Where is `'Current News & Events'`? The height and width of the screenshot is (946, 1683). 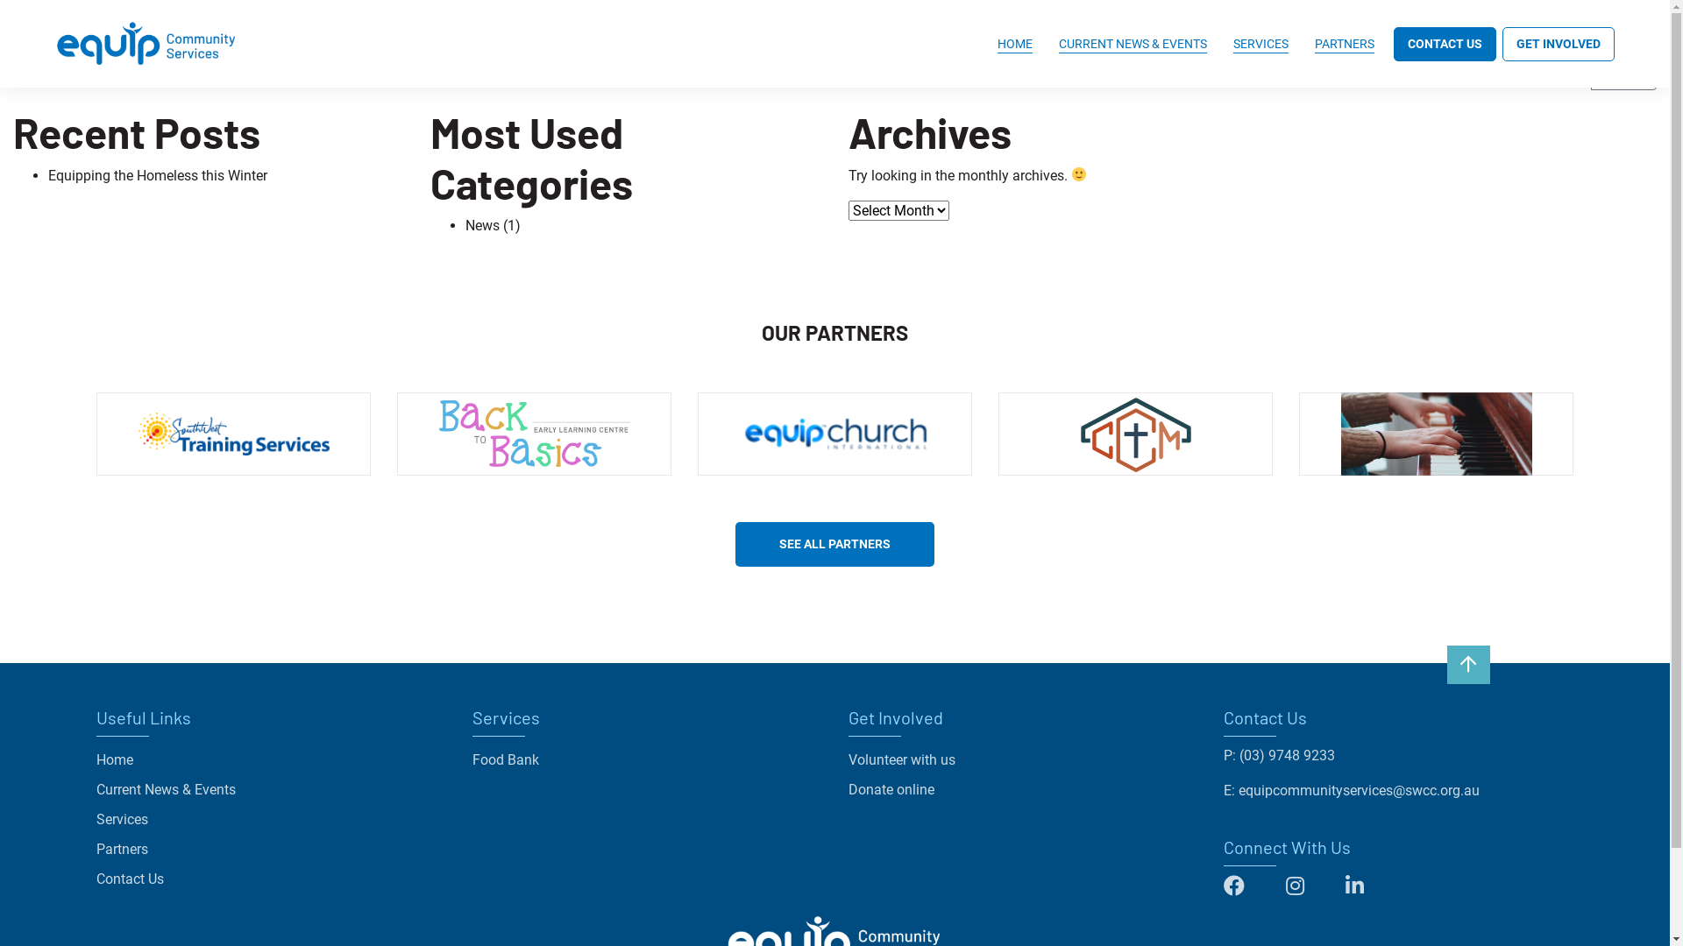
'Current News & Events' is located at coordinates (166, 790).